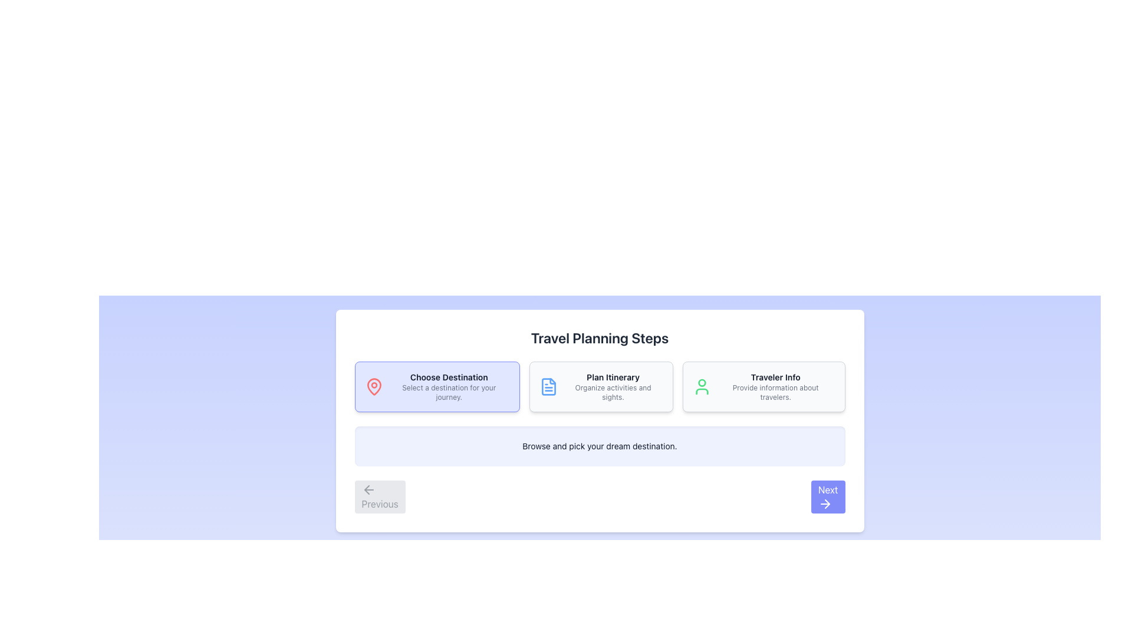  I want to click on the pin icon that visually represents the concept of selecting a destination, located centrally within the 'Choose Destination' button in the first button of a three-button layout, so click(373, 386).